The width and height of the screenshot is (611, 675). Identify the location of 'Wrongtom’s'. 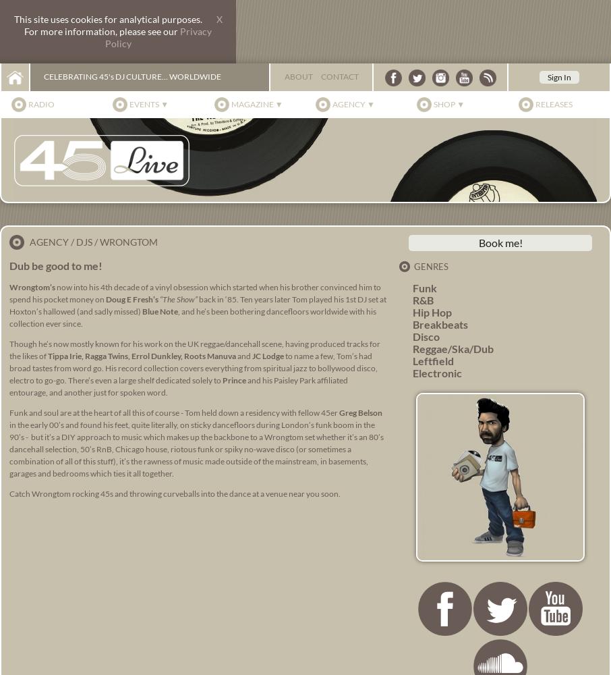
(32, 287).